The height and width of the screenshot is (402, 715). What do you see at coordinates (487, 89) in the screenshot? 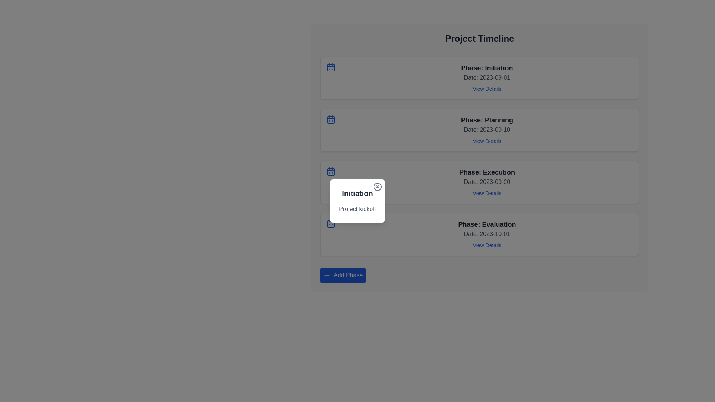
I see `the 'View Details' hyperlink located beneath the 'Date: 2023-09-01' text in the 'Phase: Initiation' section` at bounding box center [487, 89].